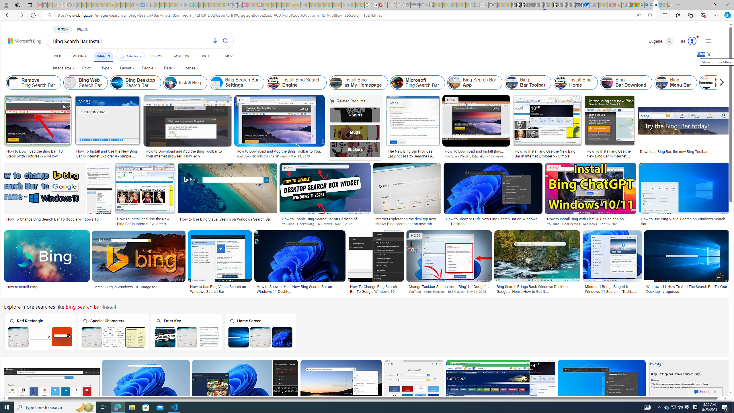 The image size is (734, 413). What do you see at coordinates (47, 287) in the screenshot?
I see `'How to install Bing!'` at bounding box center [47, 287].